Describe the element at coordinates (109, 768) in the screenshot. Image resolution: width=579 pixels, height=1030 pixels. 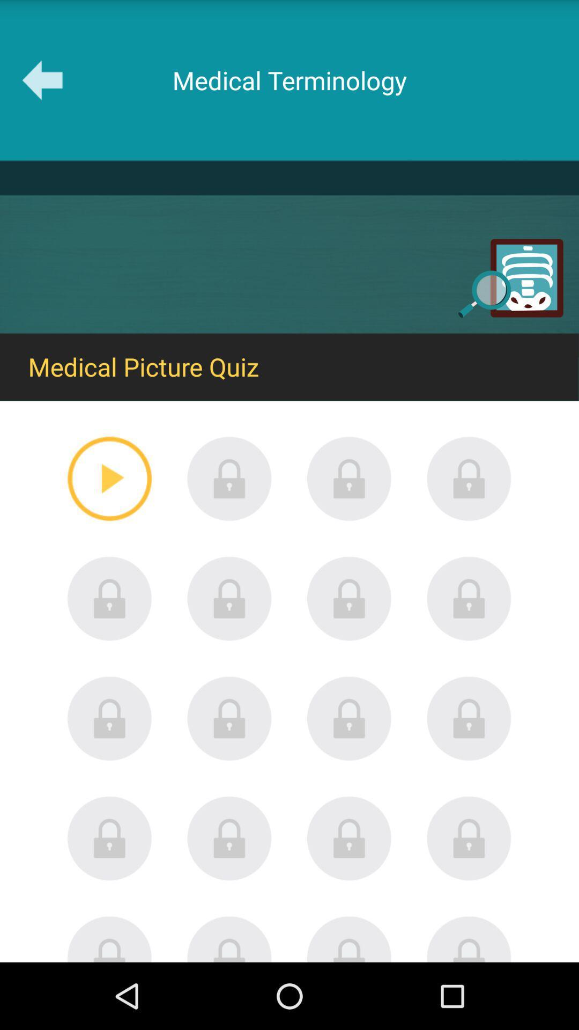
I see `the lock icon` at that location.